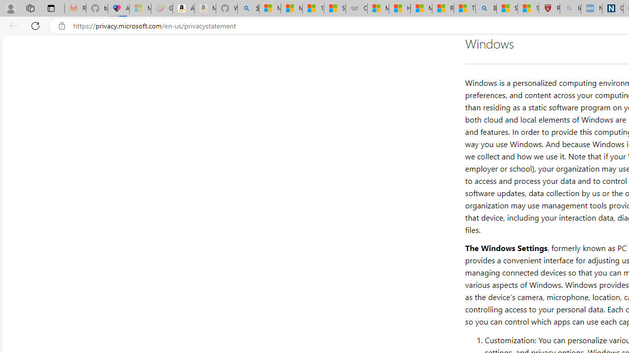 The width and height of the screenshot is (629, 353). I want to click on 'Recipes - MSN', so click(442, 8).